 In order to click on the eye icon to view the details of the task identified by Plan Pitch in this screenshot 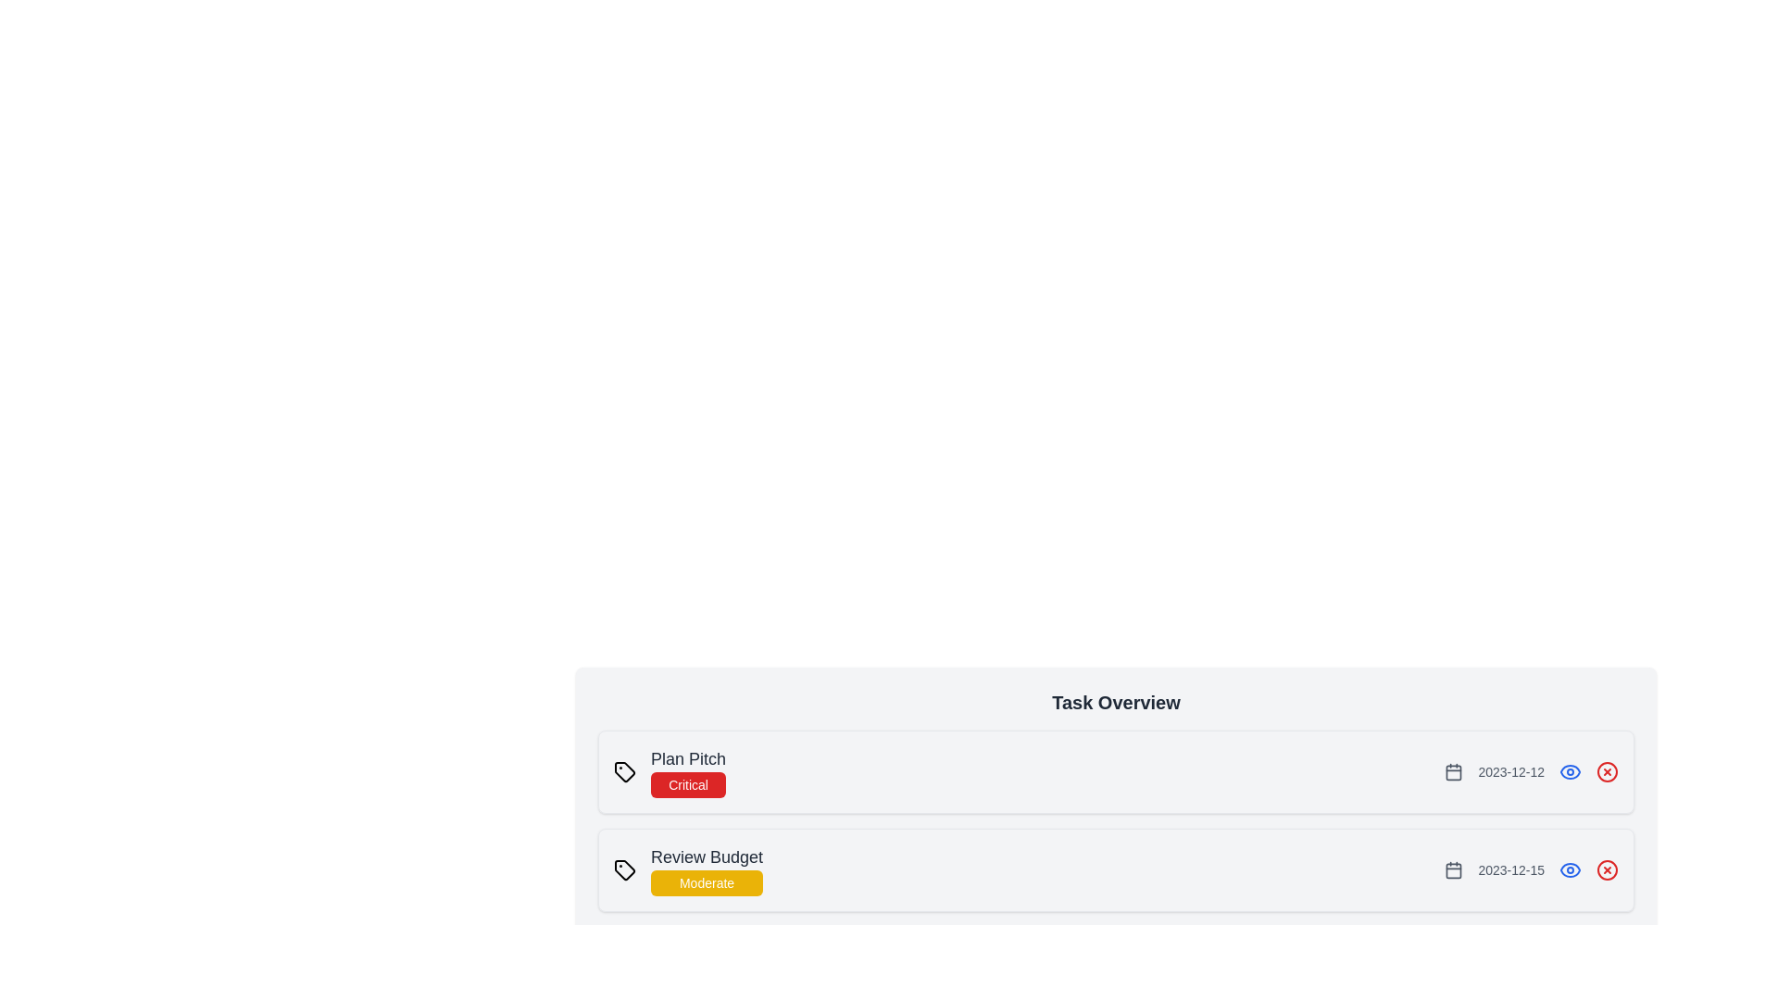, I will do `click(1569, 771)`.